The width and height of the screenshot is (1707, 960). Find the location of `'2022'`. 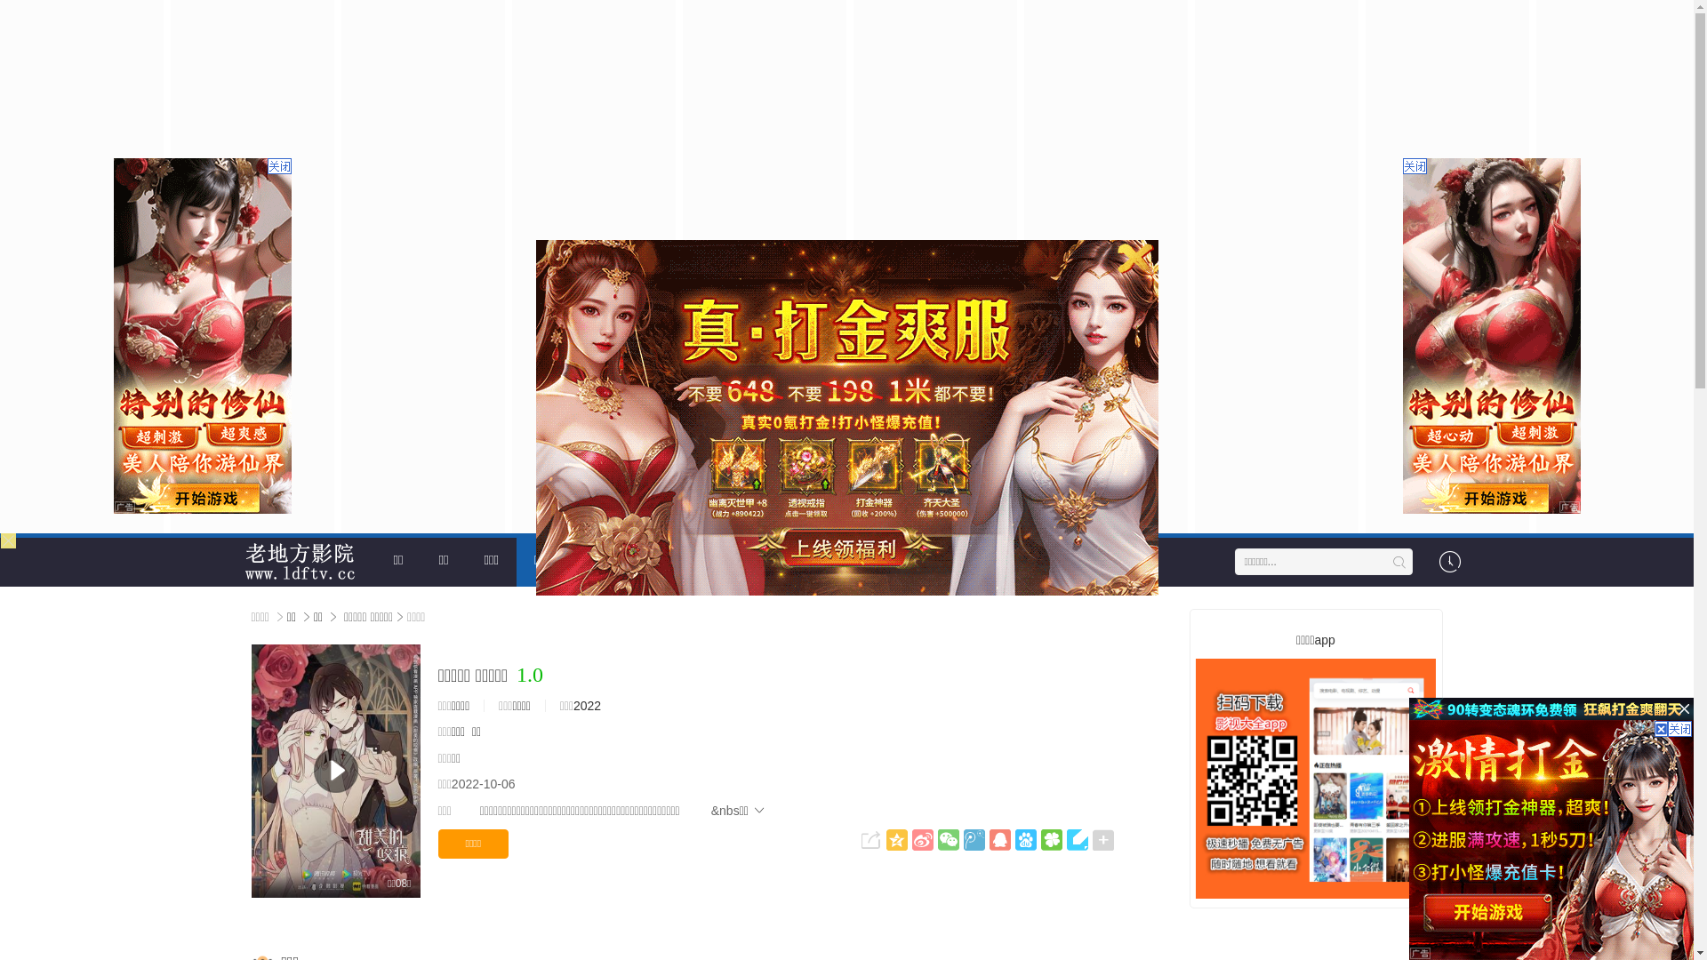

'2022' is located at coordinates (587, 705).